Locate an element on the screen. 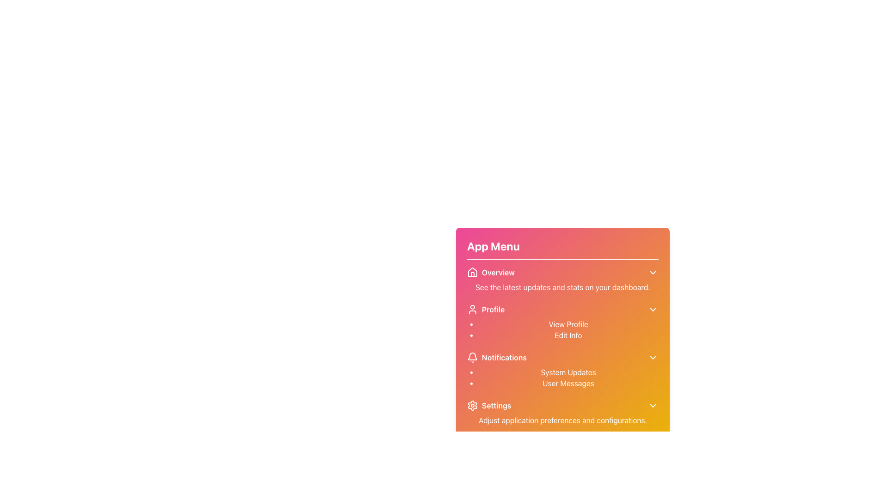 The height and width of the screenshot is (499, 888). the 'Edit Info' option in the List Item Group located below the 'Profile' label in the sidebar menu to modify user information is located at coordinates (567, 329).